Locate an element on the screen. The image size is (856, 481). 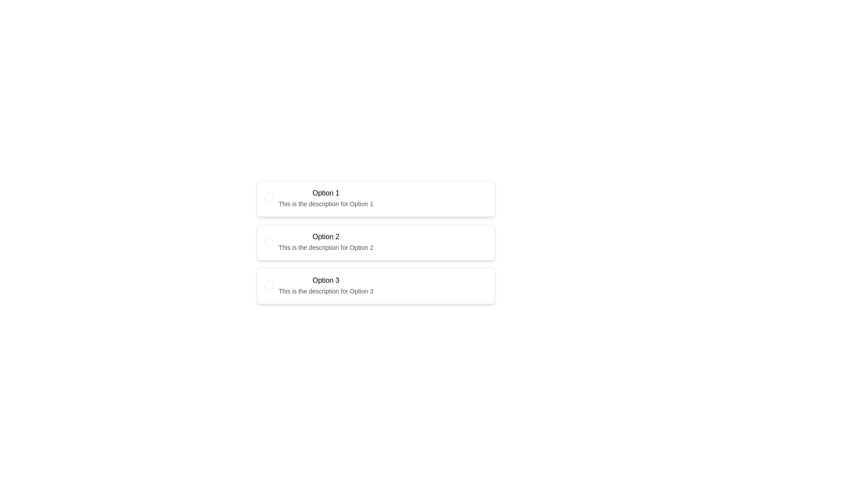
the 'Option 1' radio button is located at coordinates (319, 198).